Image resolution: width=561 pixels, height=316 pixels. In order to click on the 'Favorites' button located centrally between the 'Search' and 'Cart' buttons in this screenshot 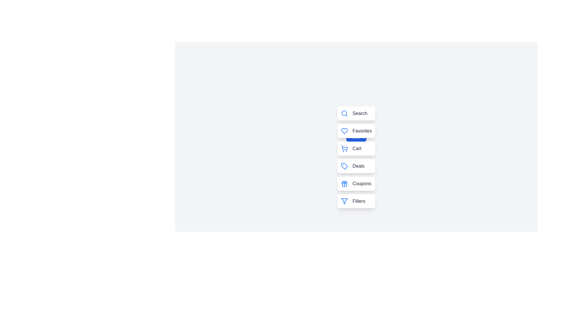, I will do `click(356, 137)`.